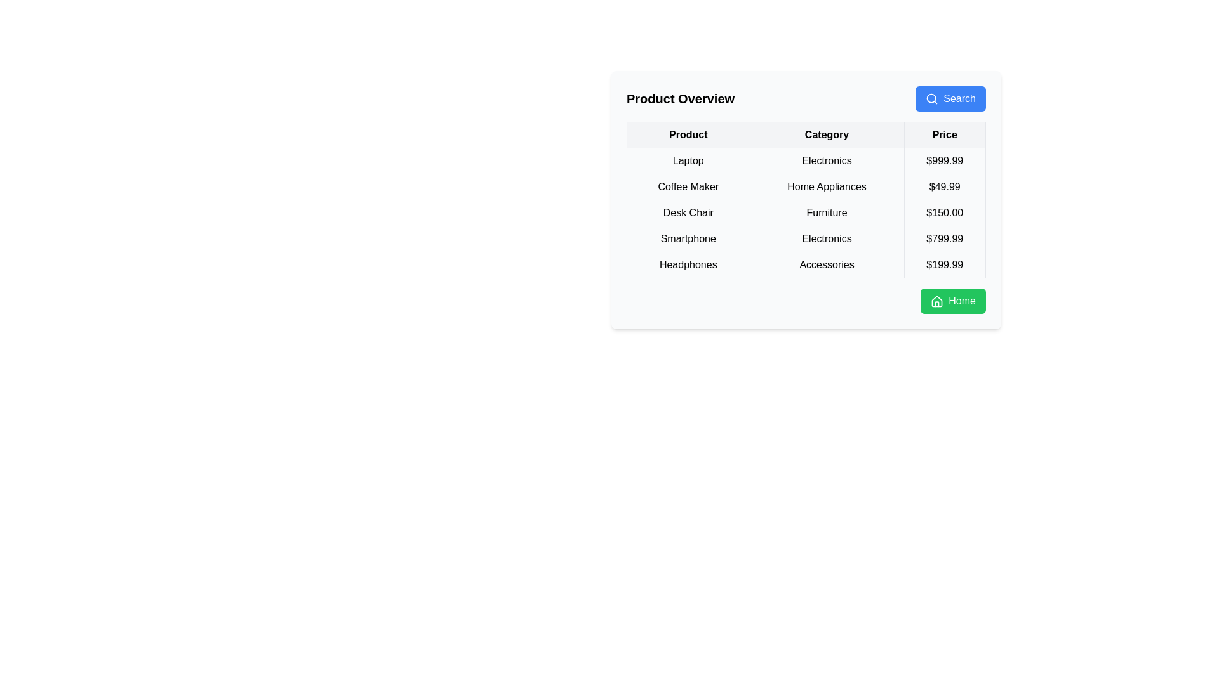  Describe the element at coordinates (688, 239) in the screenshot. I see `the textual element displaying the product type 'Smartphone' in the first cell of the table under the 'Product Overview' header` at that location.